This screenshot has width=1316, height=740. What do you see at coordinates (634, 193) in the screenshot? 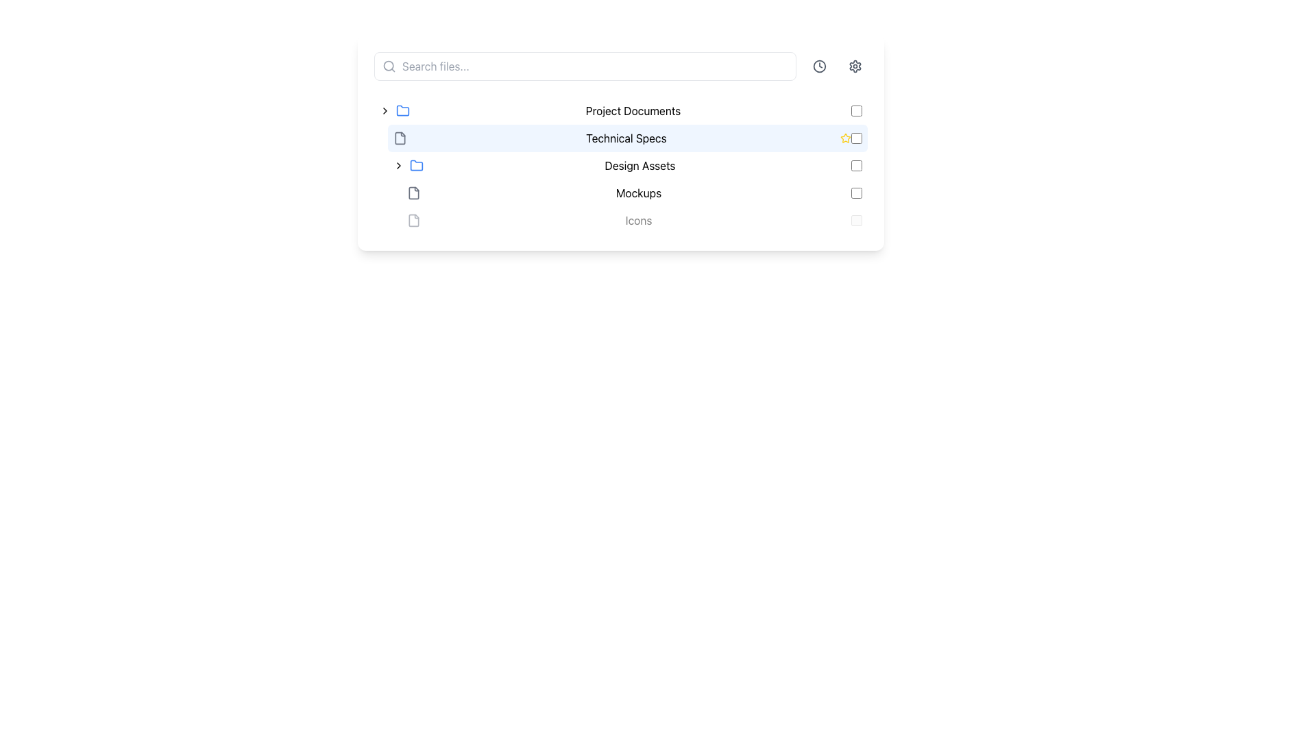
I see `the fourth list item labeled 'Mockups', which contains a document icon and a checkbox, for rearrangement` at bounding box center [634, 193].